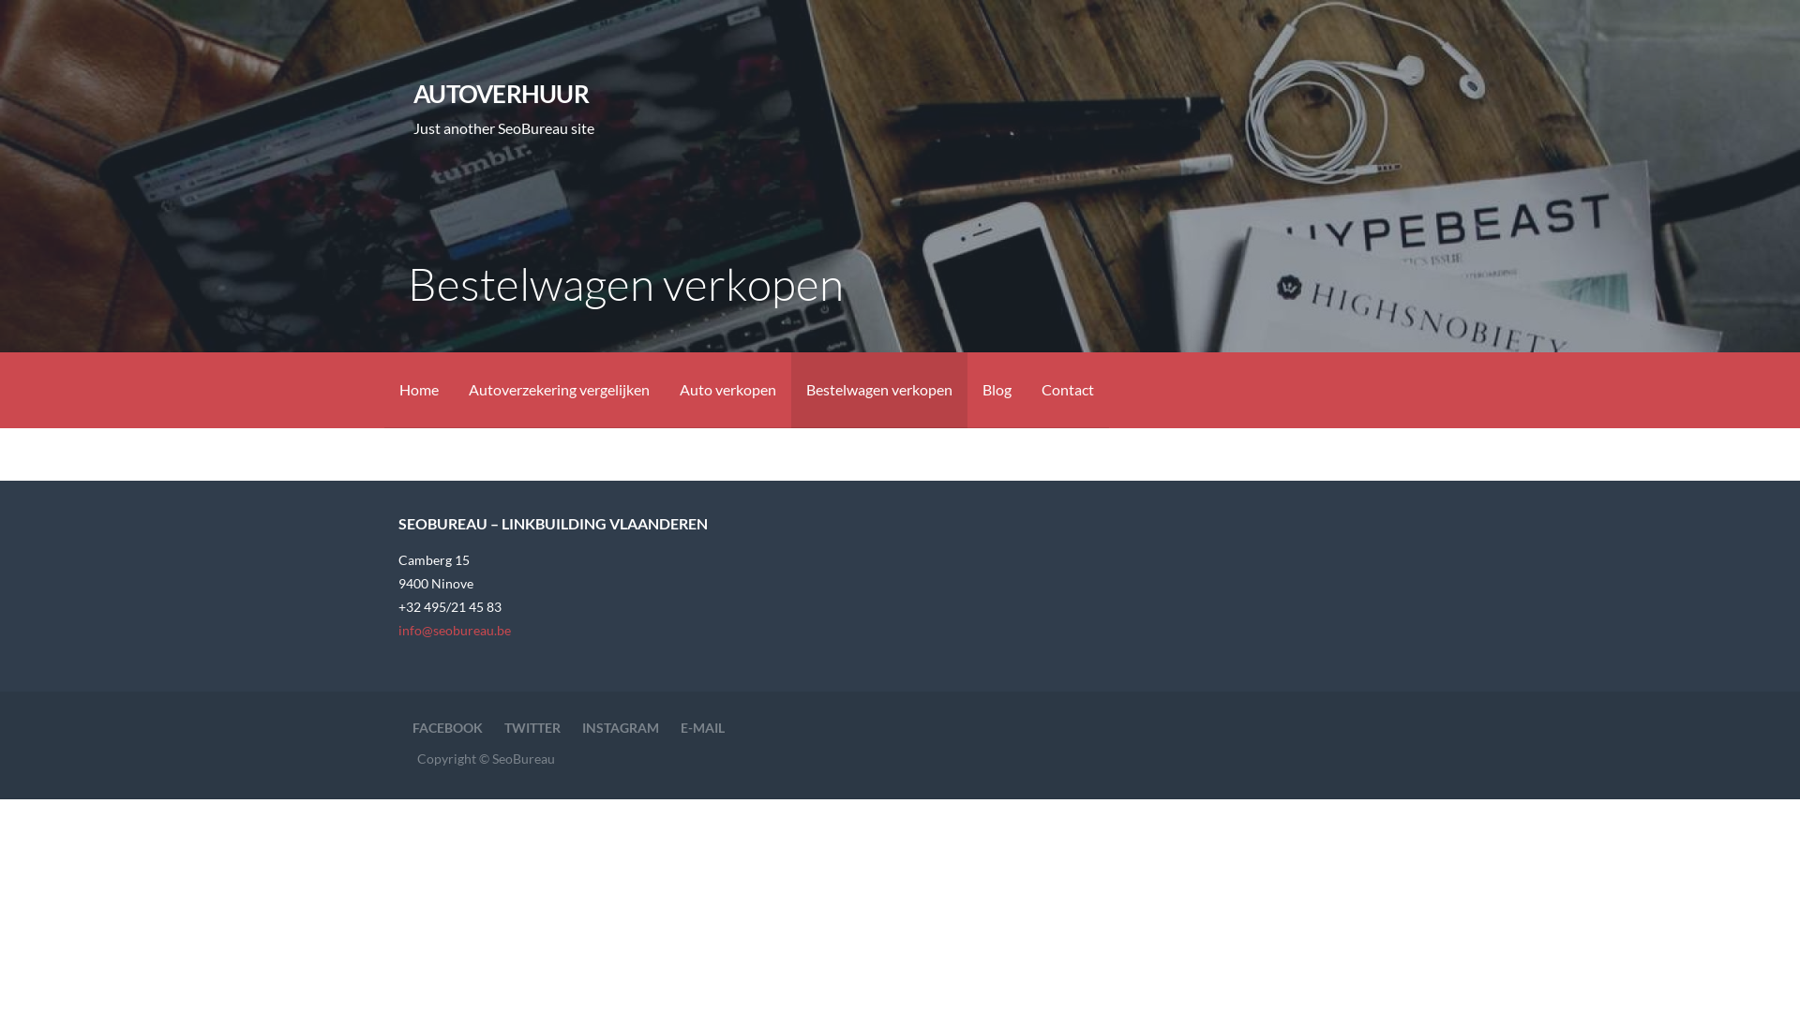 This screenshot has width=1800, height=1012. What do you see at coordinates (417, 389) in the screenshot?
I see `'Home'` at bounding box center [417, 389].